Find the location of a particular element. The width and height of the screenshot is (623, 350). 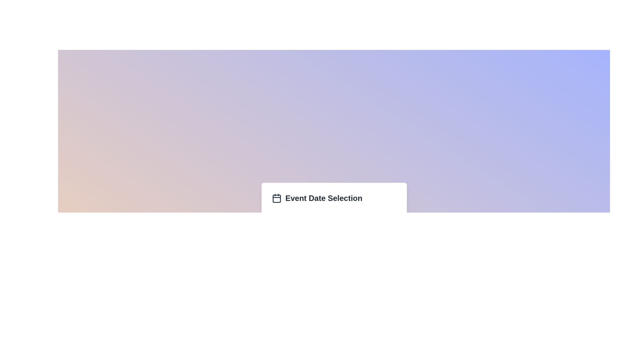

the calendar icon located to the left of the 'Event Date Selection' text is located at coordinates (276, 198).